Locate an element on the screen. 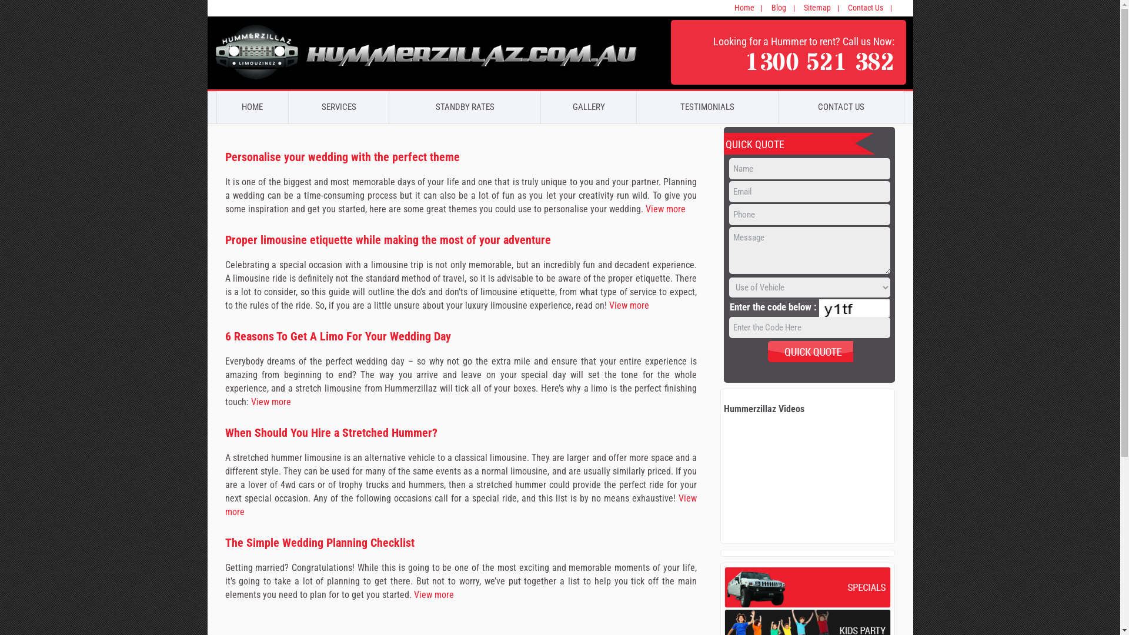 The width and height of the screenshot is (1129, 635). 'SERVICES' is located at coordinates (338, 107).